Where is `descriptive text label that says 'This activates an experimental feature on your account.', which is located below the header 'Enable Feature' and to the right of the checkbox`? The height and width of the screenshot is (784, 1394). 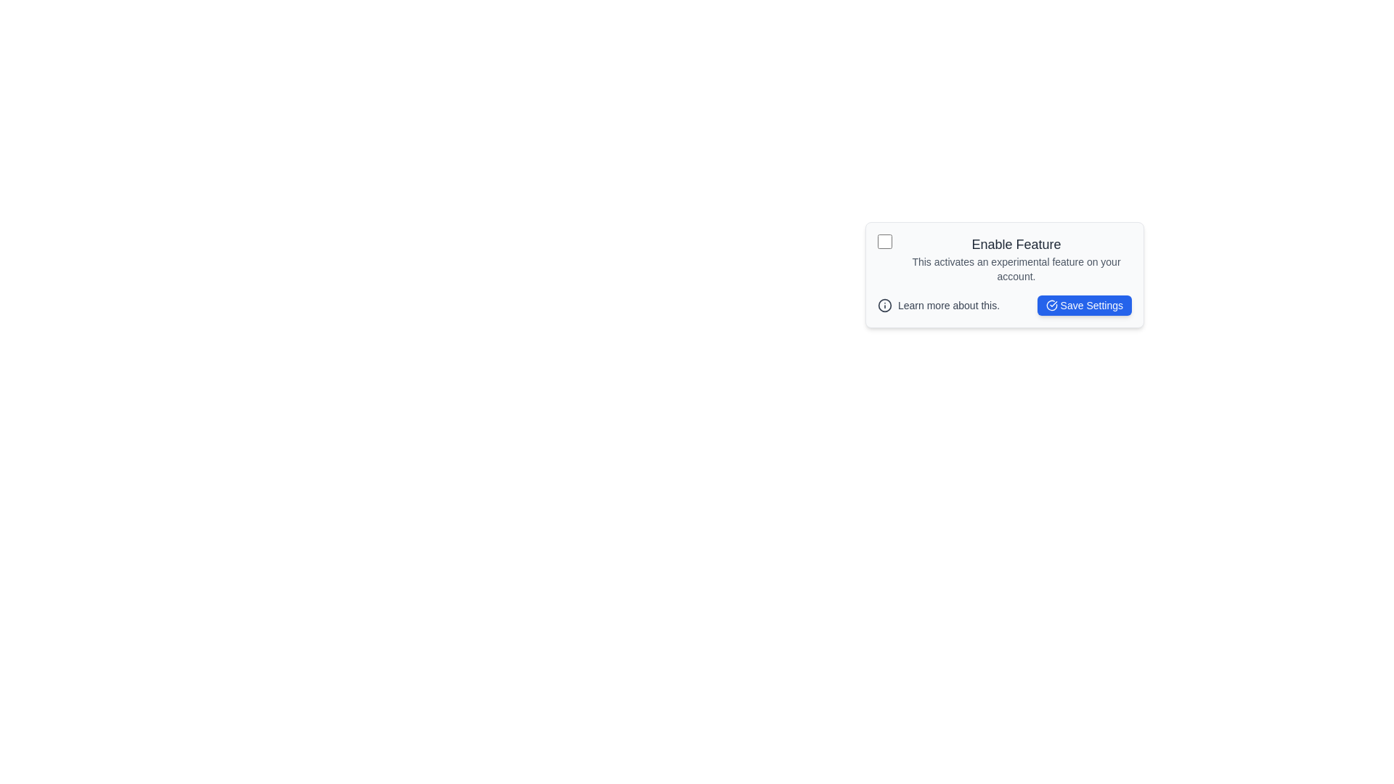 descriptive text label that says 'This activates an experimental feature on your account.', which is located below the header 'Enable Feature' and to the right of the checkbox is located at coordinates (1016, 269).